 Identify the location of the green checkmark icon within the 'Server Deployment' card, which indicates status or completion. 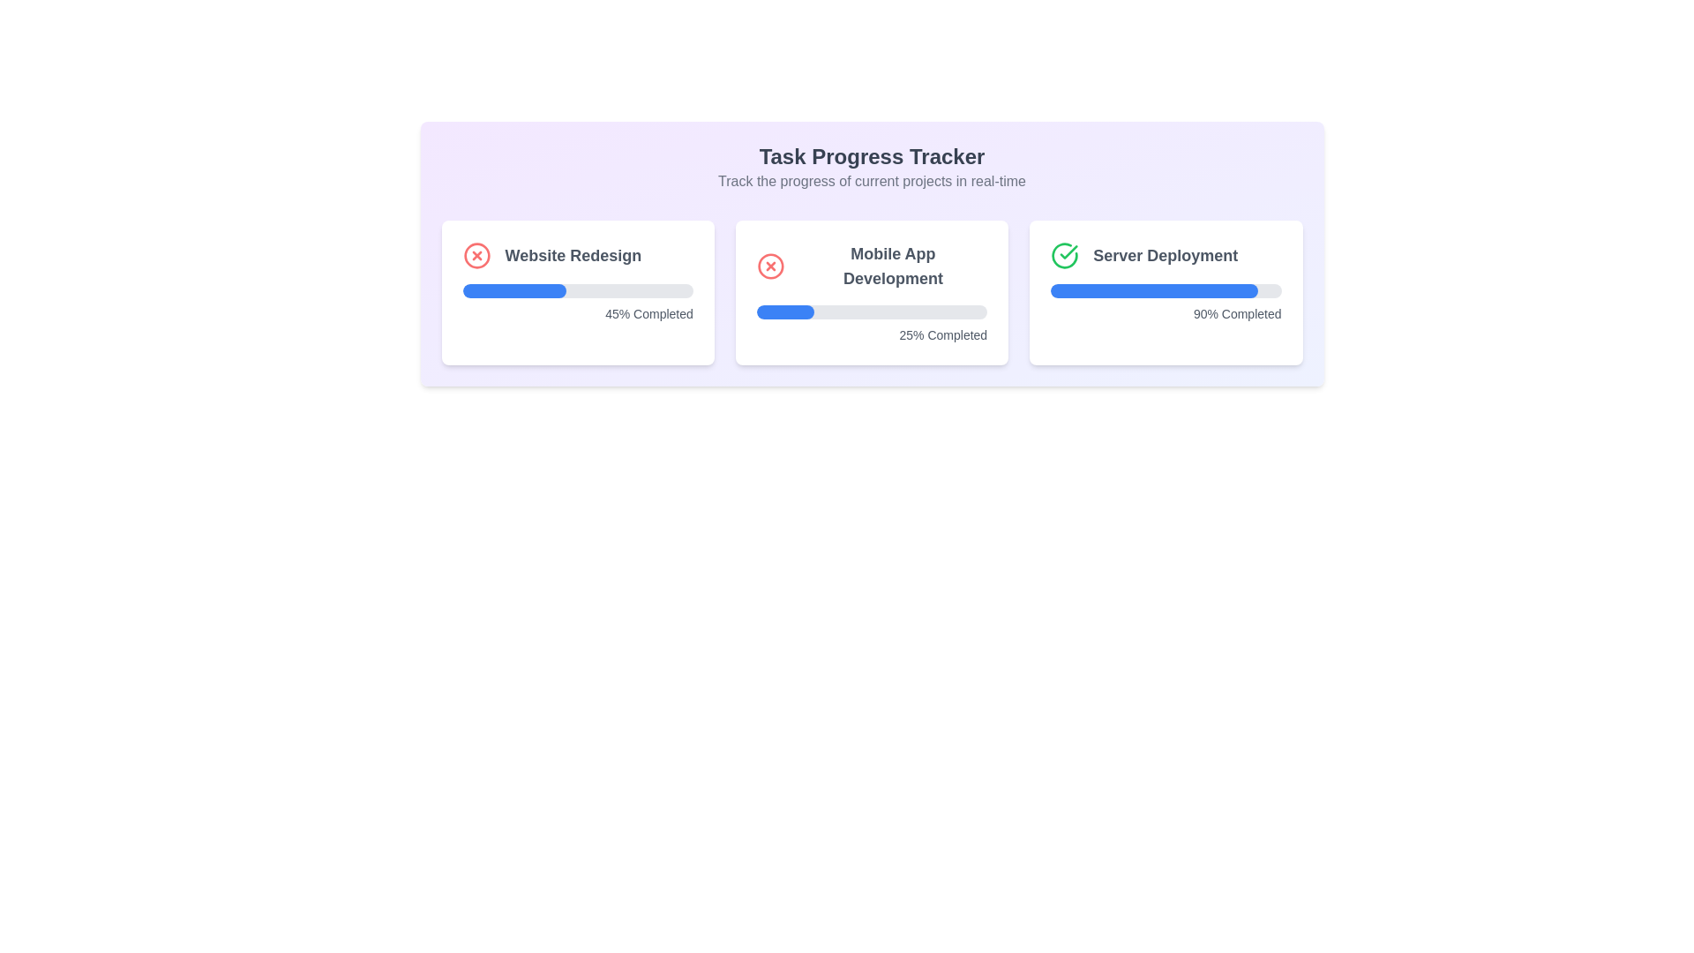
(1068, 251).